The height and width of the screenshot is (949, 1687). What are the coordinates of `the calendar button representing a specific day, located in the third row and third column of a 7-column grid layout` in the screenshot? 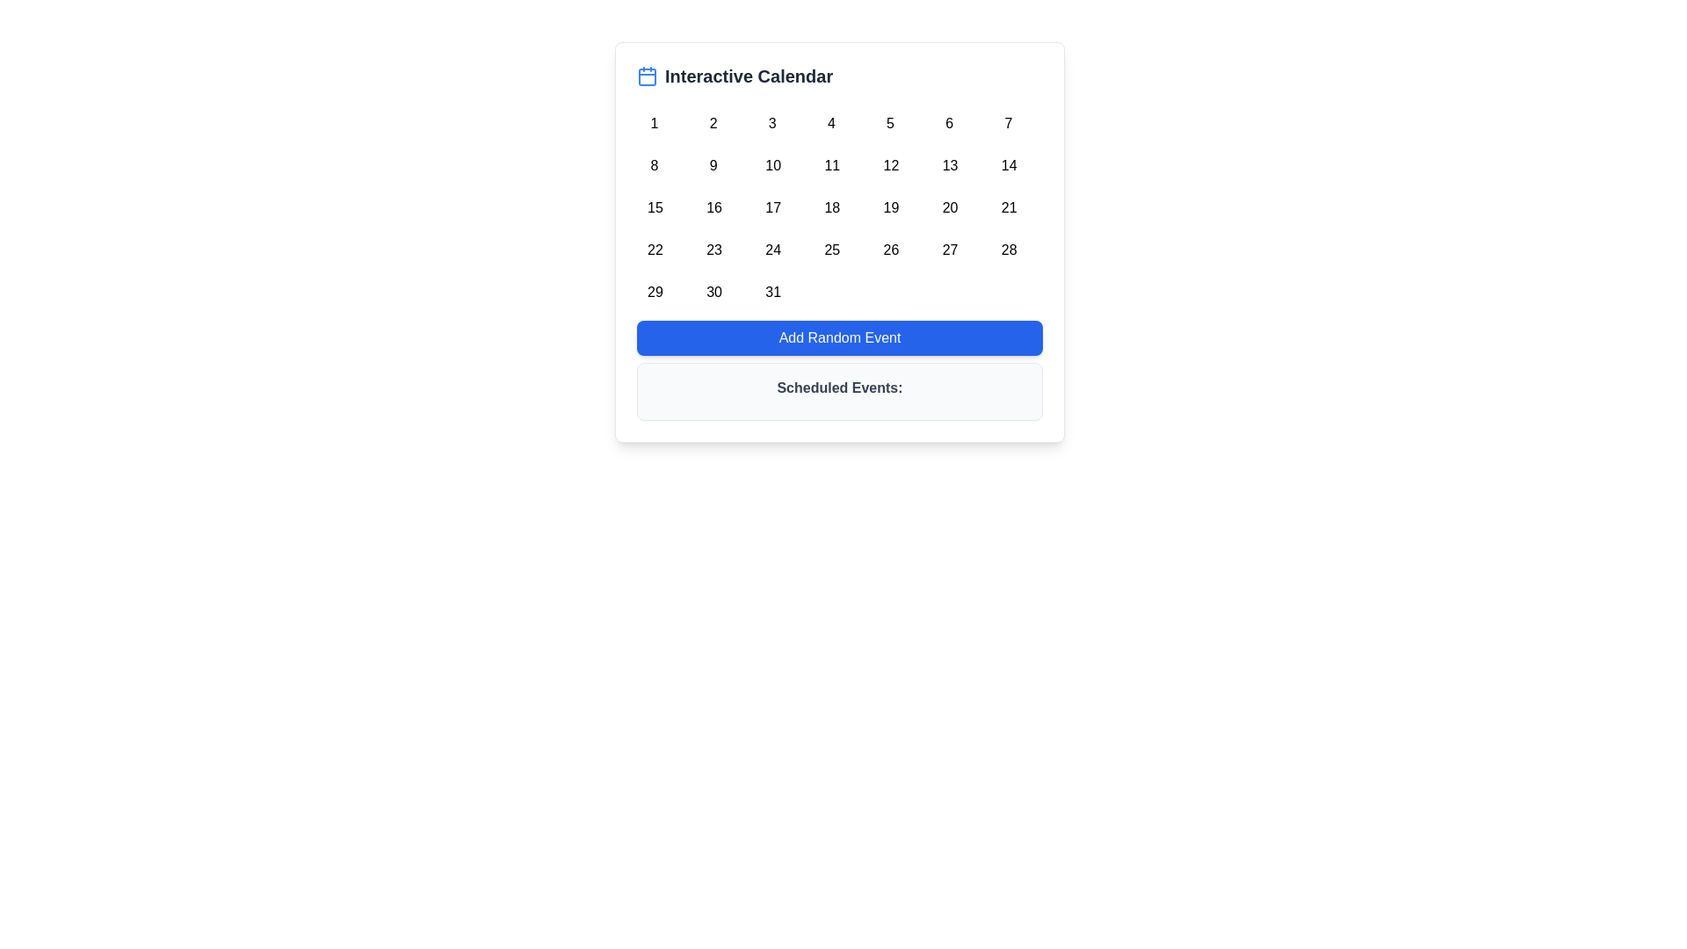 It's located at (772, 203).